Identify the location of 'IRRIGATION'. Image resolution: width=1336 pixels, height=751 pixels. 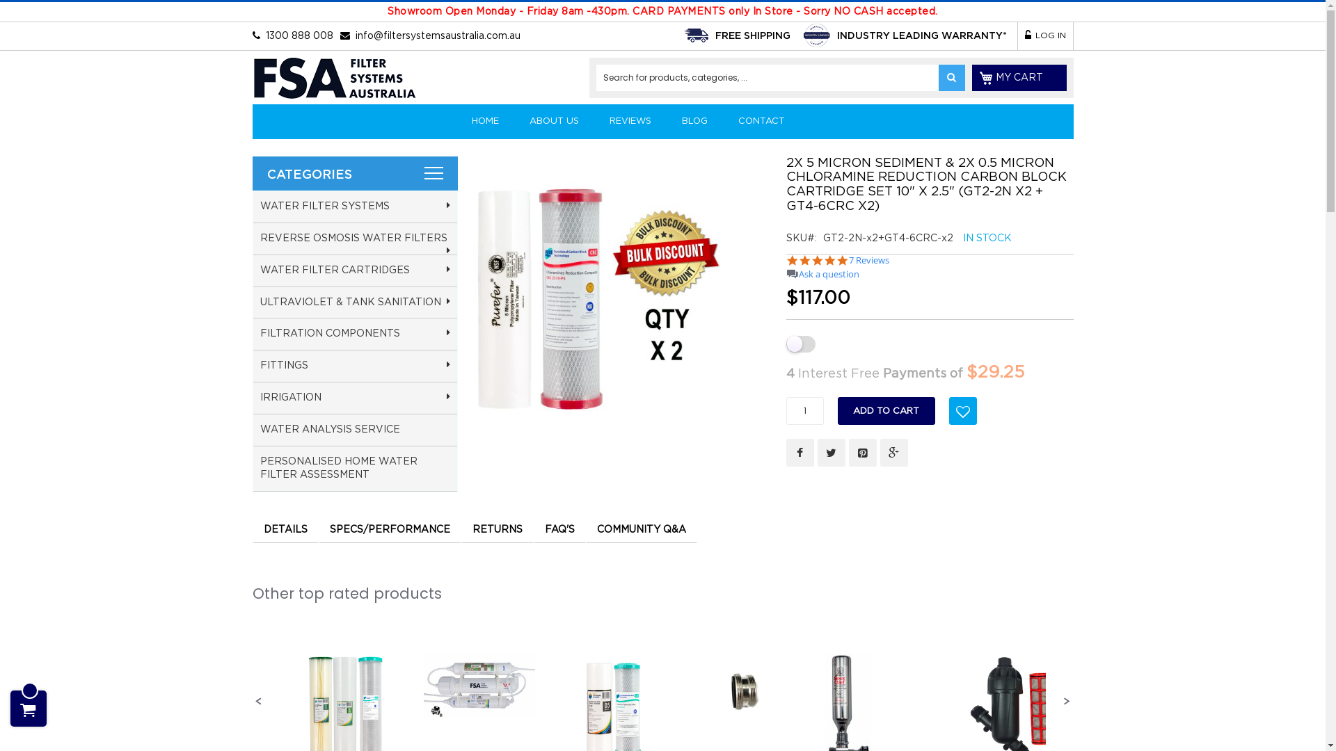
(355, 398).